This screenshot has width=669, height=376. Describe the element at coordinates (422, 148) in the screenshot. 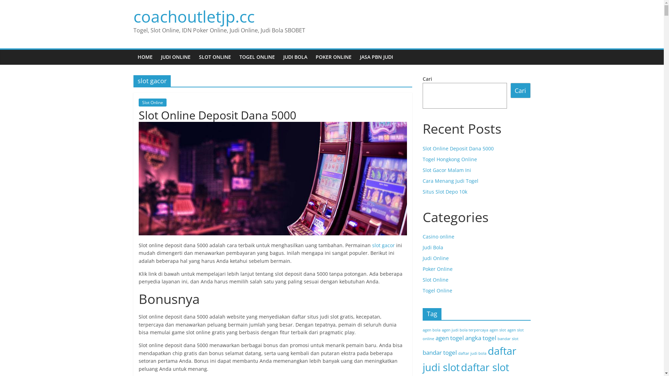

I see `'Slot Online Deposit Dana 5000'` at that location.